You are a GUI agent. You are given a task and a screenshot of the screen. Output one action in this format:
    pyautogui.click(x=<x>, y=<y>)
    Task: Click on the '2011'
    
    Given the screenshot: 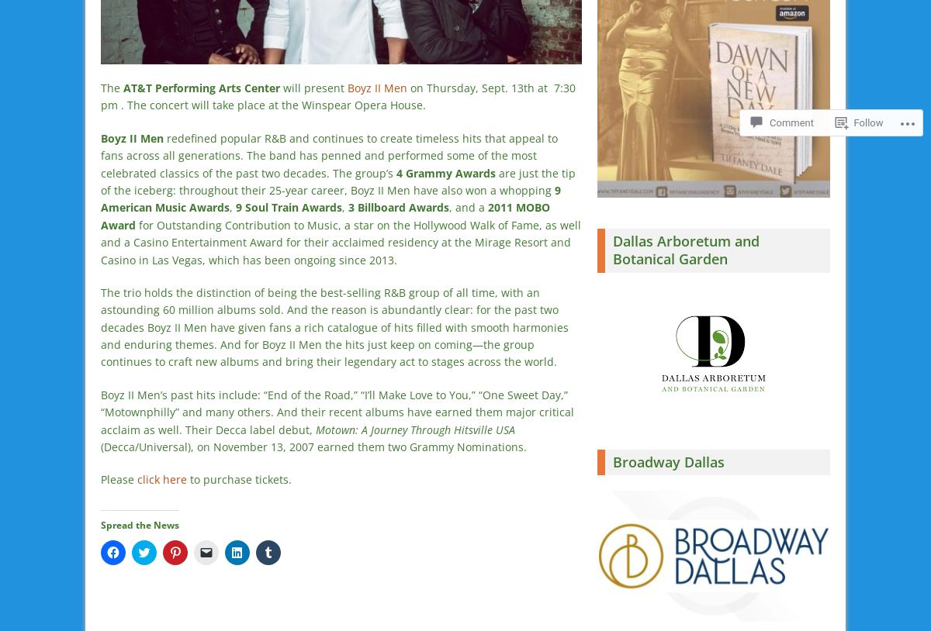 What is the action you would take?
    pyautogui.click(x=502, y=207)
    